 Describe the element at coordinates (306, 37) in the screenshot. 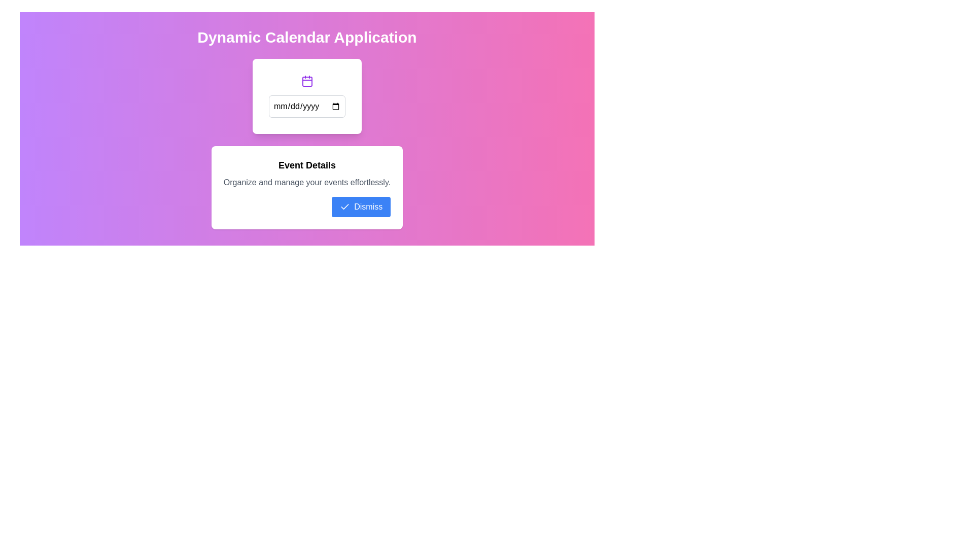

I see `the Text label at the top center of the application interface, which serves as the title or header of the application` at that location.